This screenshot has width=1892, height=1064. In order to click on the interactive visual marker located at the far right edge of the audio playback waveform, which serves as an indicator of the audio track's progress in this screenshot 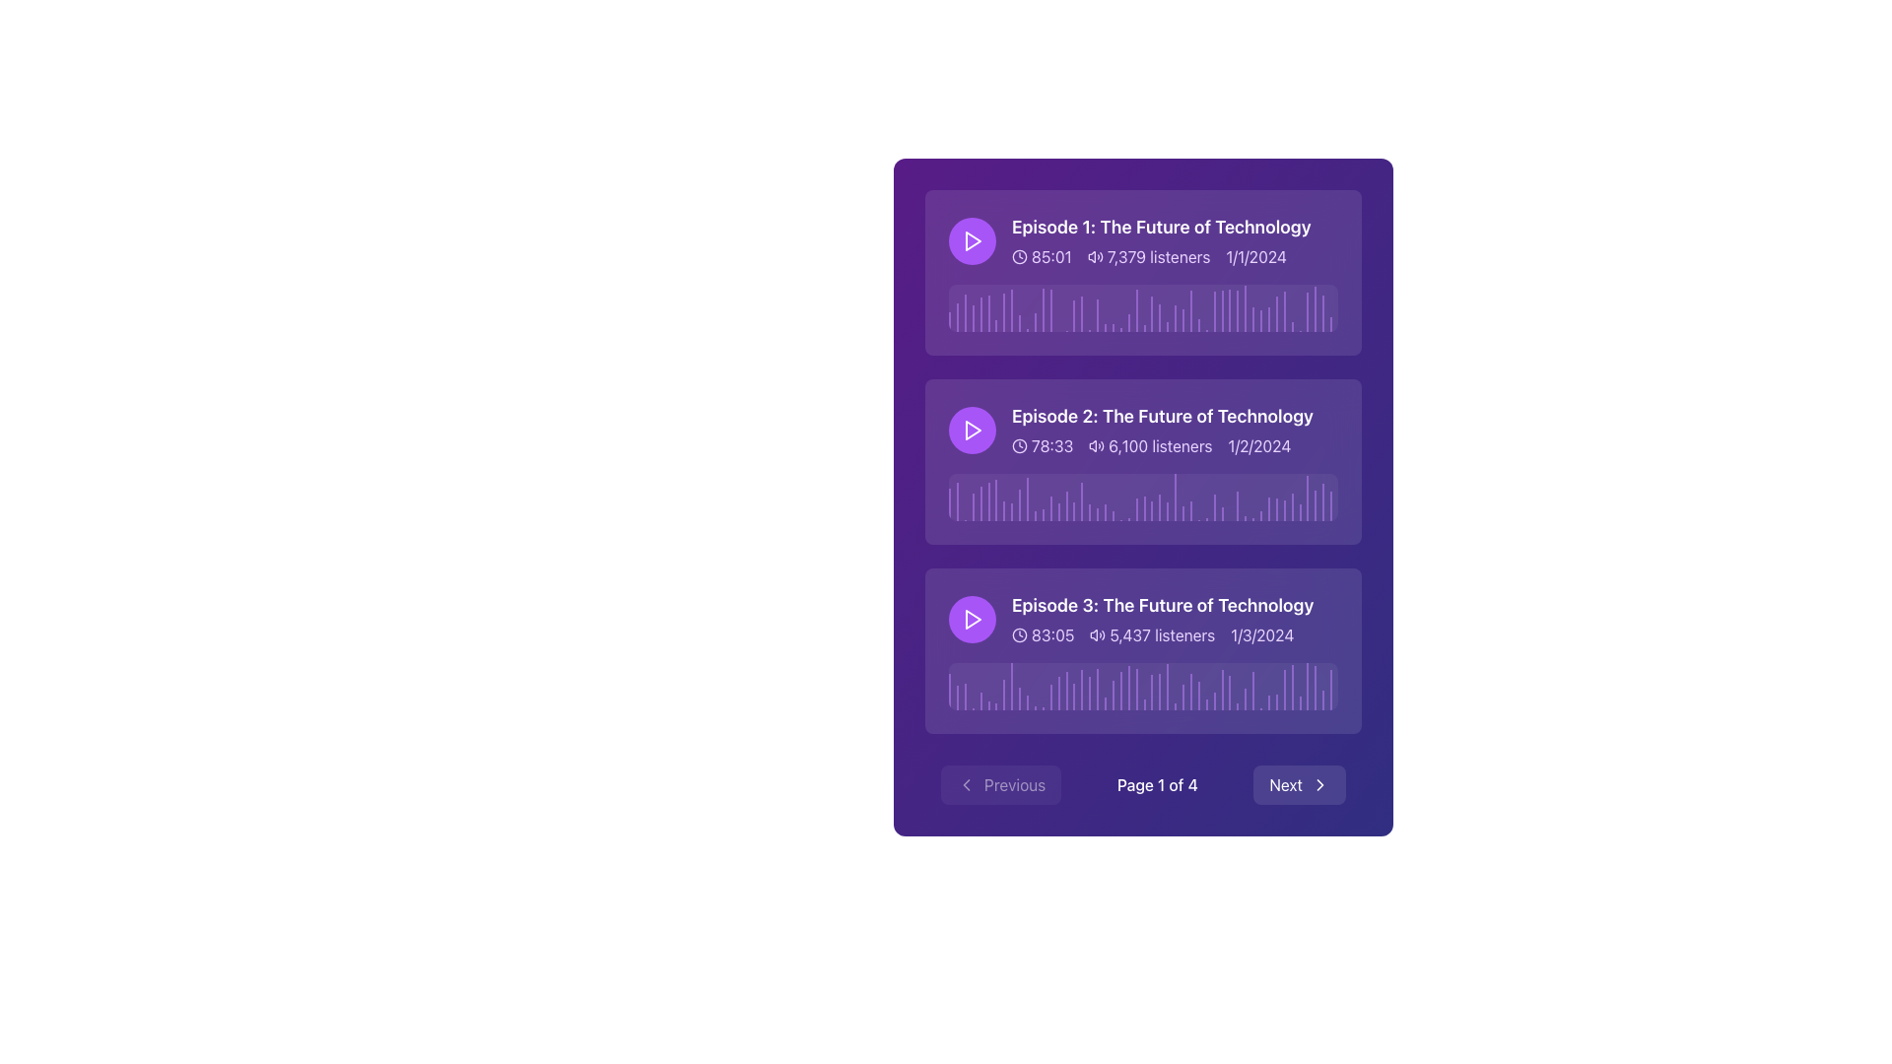, I will do `click(1316, 308)`.